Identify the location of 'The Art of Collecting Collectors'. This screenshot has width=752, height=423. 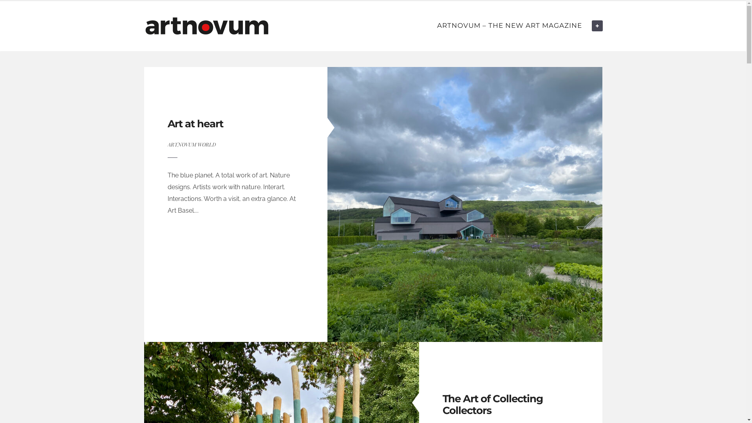
(492, 405).